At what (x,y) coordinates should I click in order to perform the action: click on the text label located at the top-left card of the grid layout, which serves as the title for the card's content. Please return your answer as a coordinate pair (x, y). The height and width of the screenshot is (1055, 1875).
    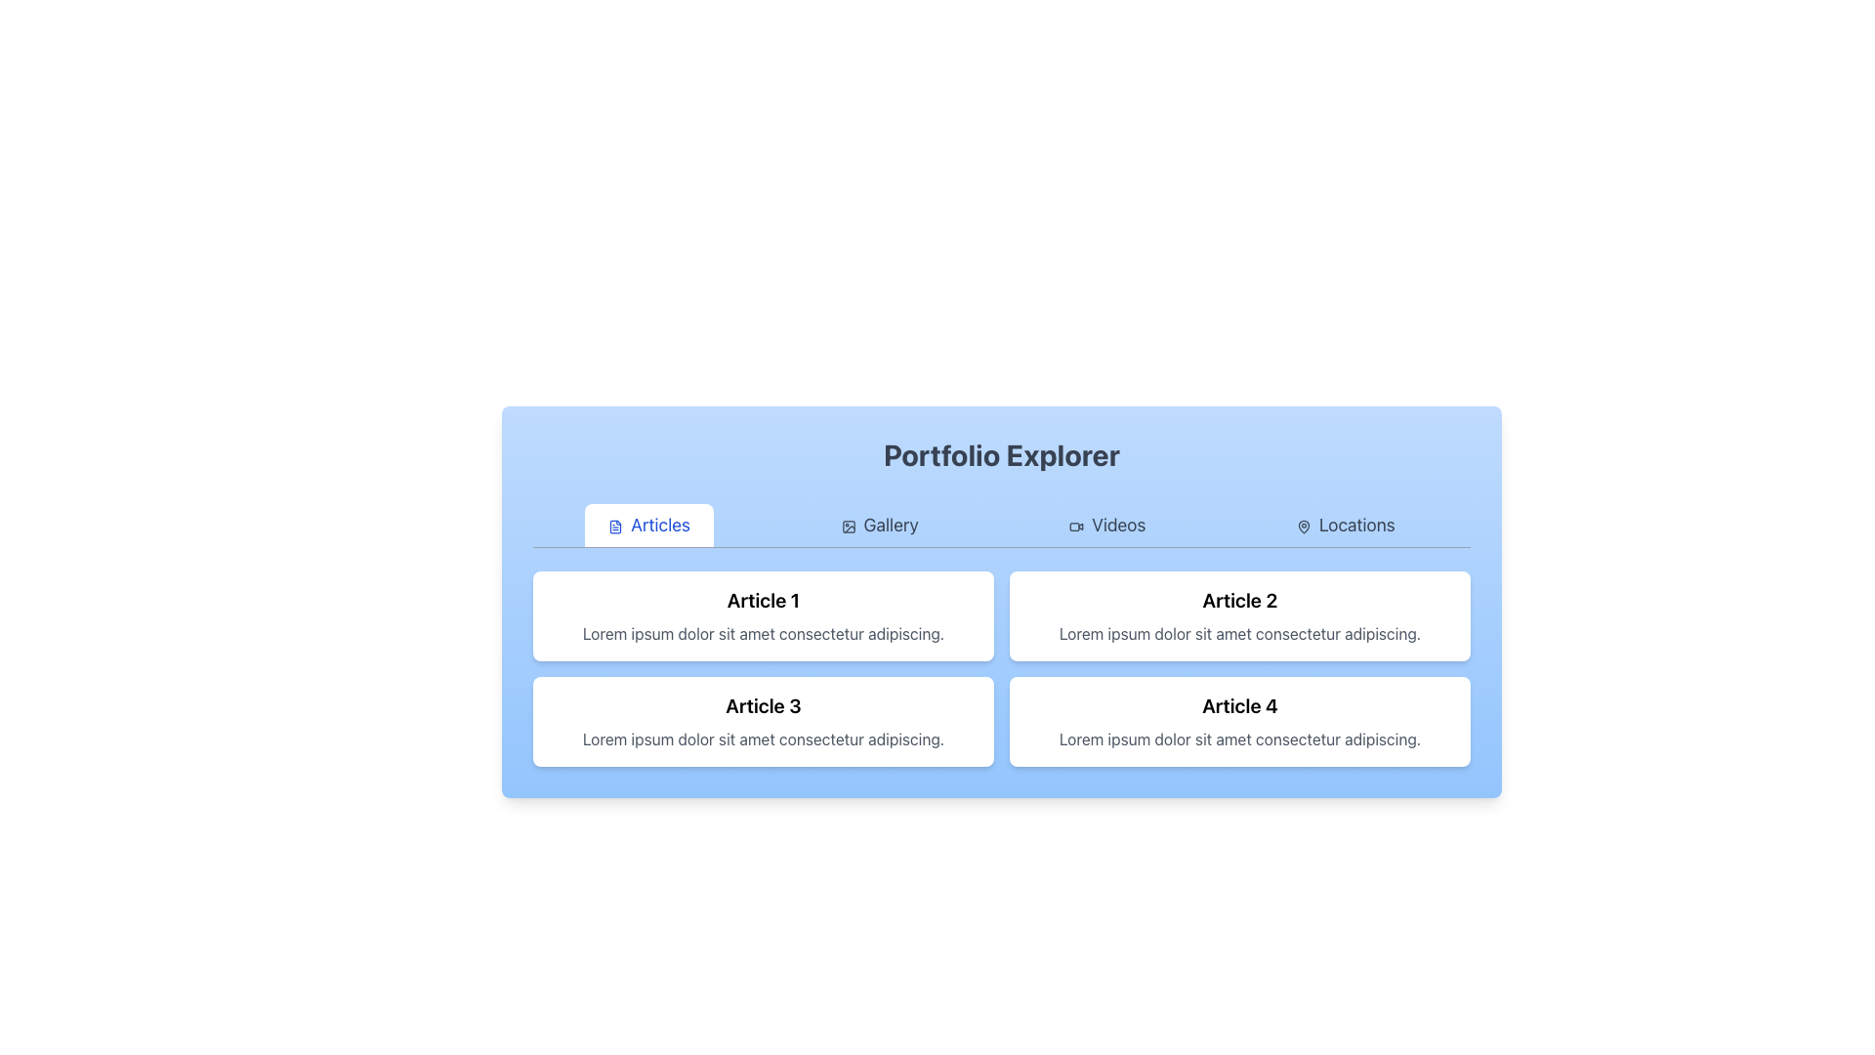
    Looking at the image, I should click on (763, 599).